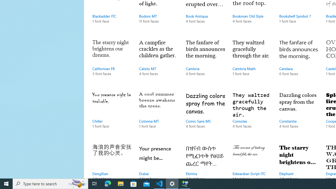 The image size is (336, 189). Describe the element at coordinates (158, 115) in the screenshot. I see `'Colonna MT, 1 font face'` at that location.